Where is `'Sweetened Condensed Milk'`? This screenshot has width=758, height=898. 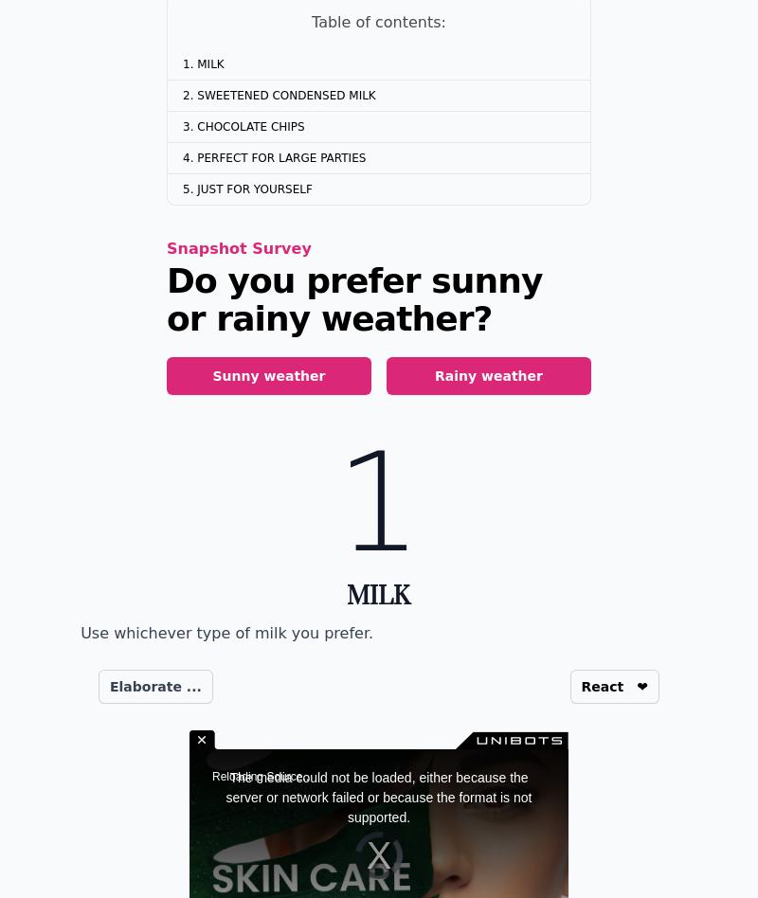 'Sweetened Condensed Milk' is located at coordinates (285, 95).